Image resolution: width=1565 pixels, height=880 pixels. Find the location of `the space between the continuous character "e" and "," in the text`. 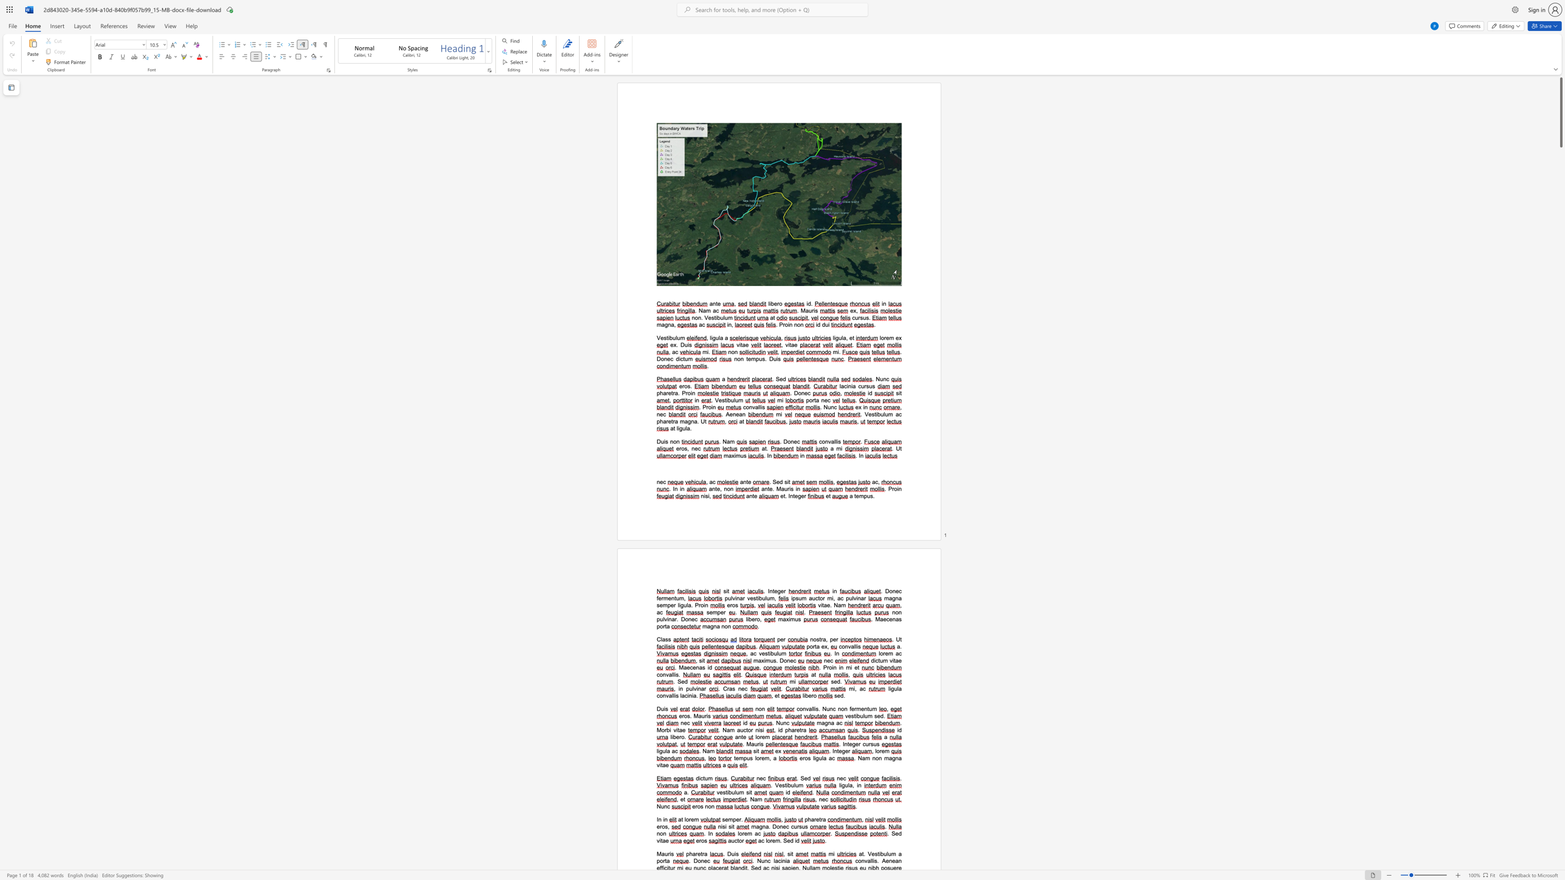

the space between the continuous character "e" and "," in the text is located at coordinates (719, 489).